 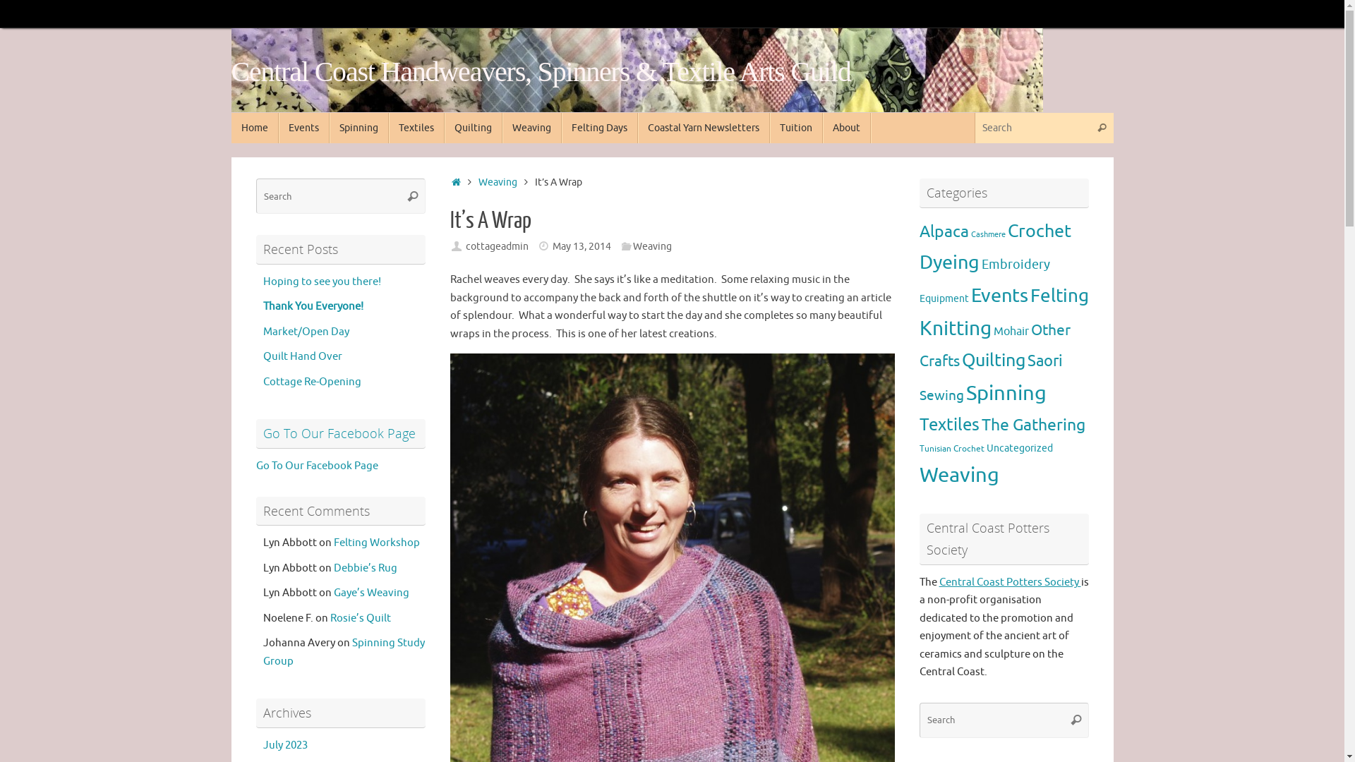 I want to click on 'Author ', so click(x=457, y=245).